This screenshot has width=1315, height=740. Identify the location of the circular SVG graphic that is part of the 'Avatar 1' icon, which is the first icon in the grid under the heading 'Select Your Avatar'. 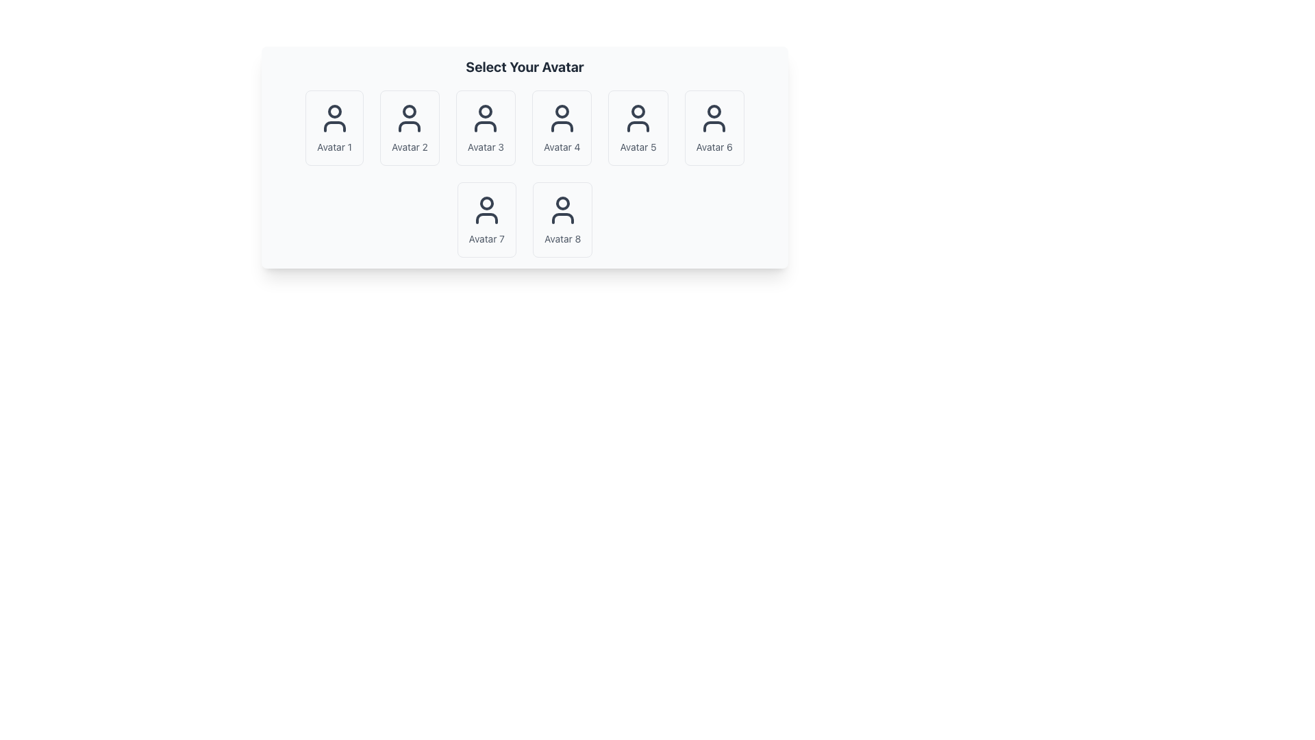
(334, 110).